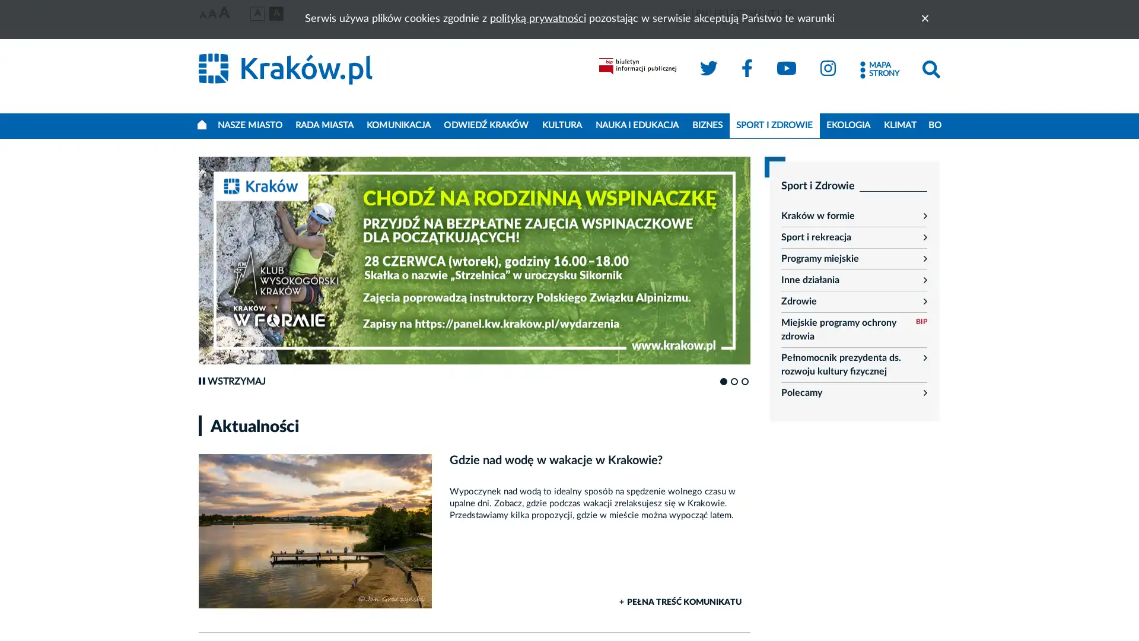  What do you see at coordinates (202, 15) in the screenshot?
I see `Najmniejsza czcionka` at bounding box center [202, 15].